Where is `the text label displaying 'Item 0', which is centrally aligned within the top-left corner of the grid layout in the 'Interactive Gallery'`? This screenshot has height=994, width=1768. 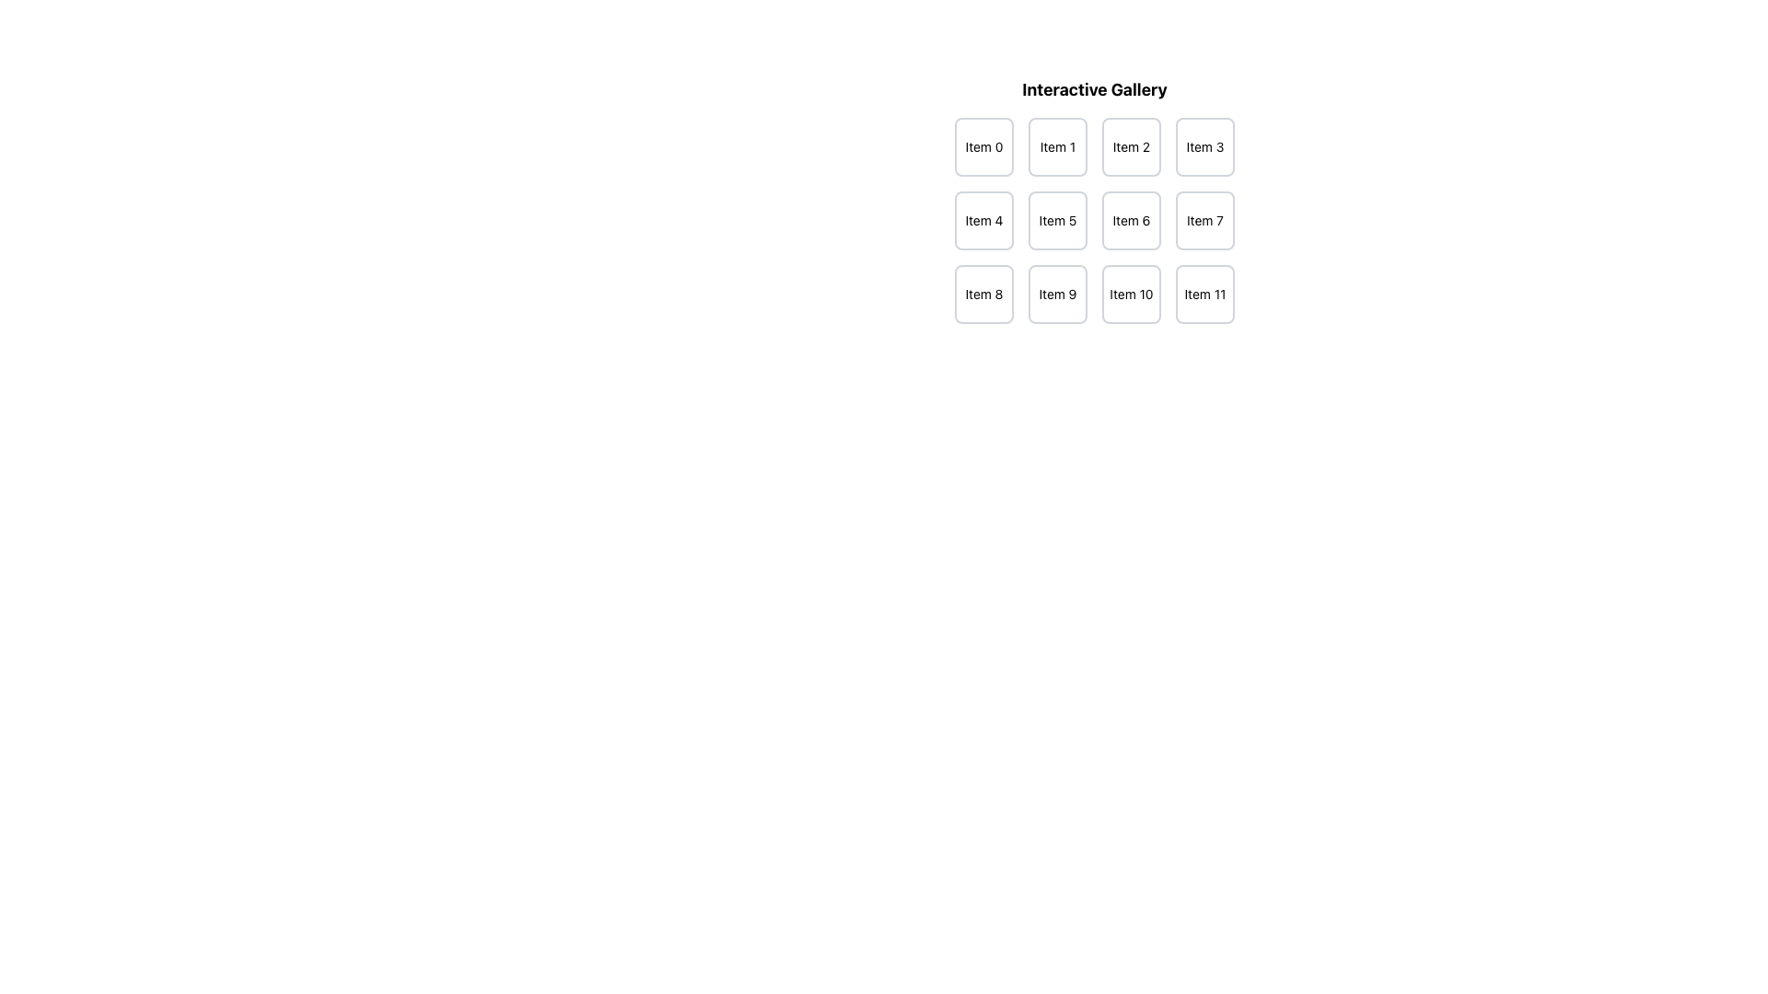
the text label displaying 'Item 0', which is centrally aligned within the top-left corner of the grid layout in the 'Interactive Gallery' is located at coordinates (983, 145).